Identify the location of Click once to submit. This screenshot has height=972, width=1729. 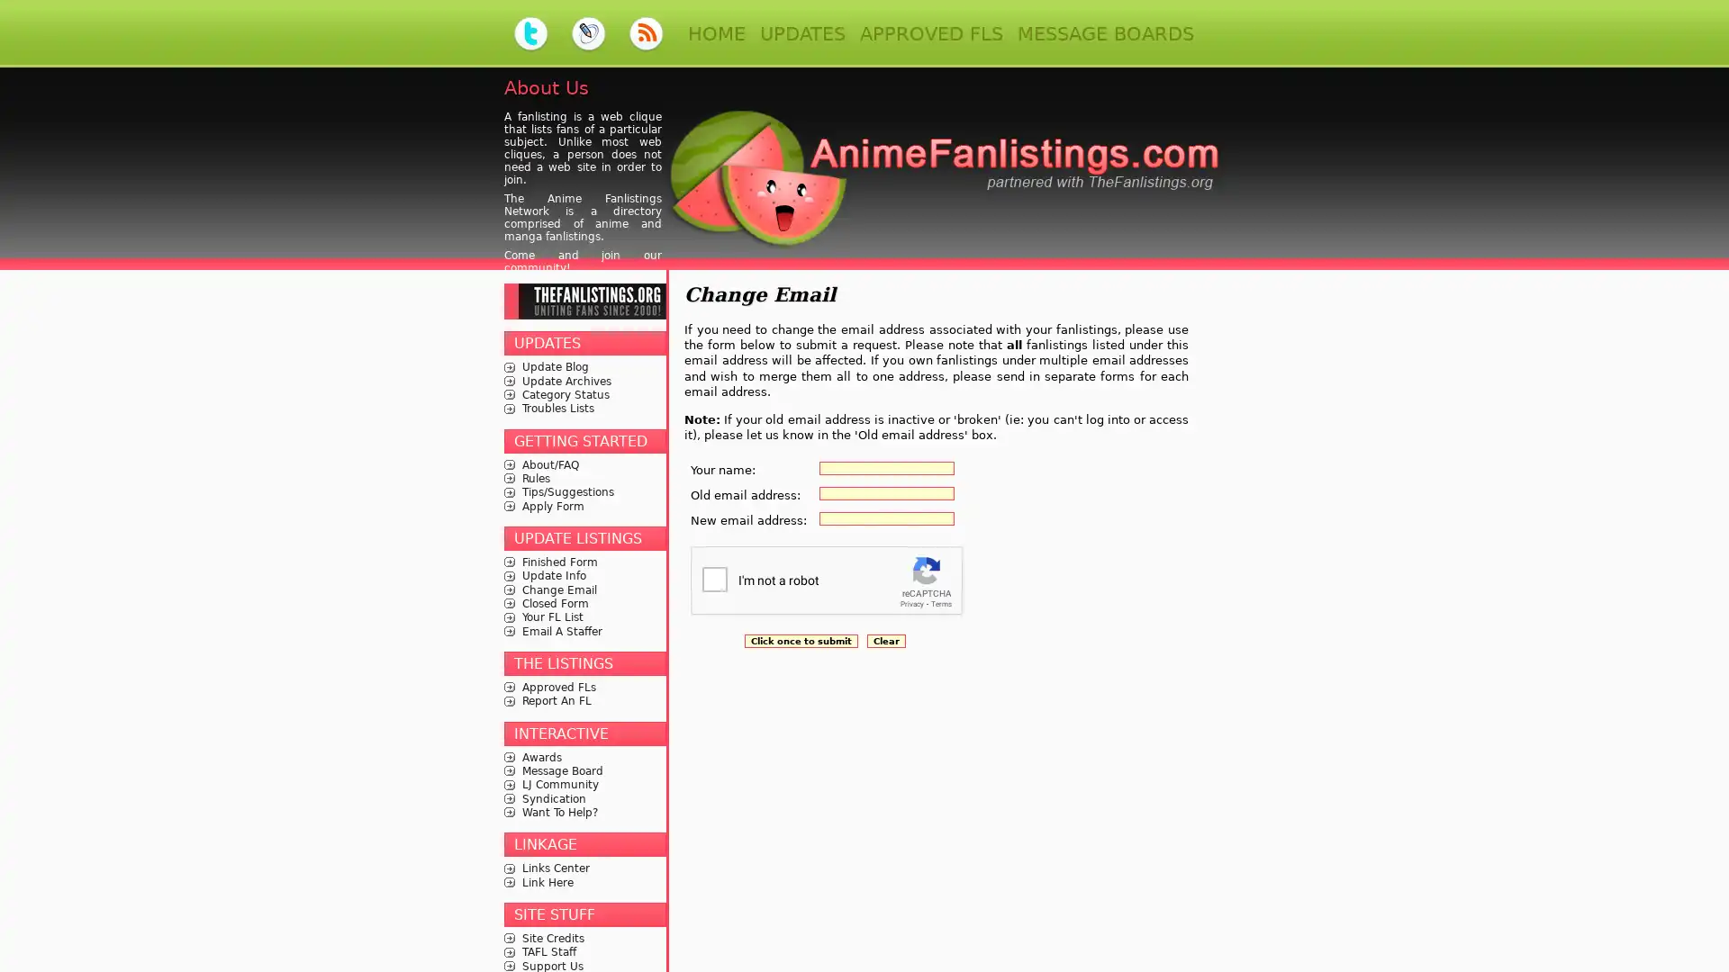
(799, 639).